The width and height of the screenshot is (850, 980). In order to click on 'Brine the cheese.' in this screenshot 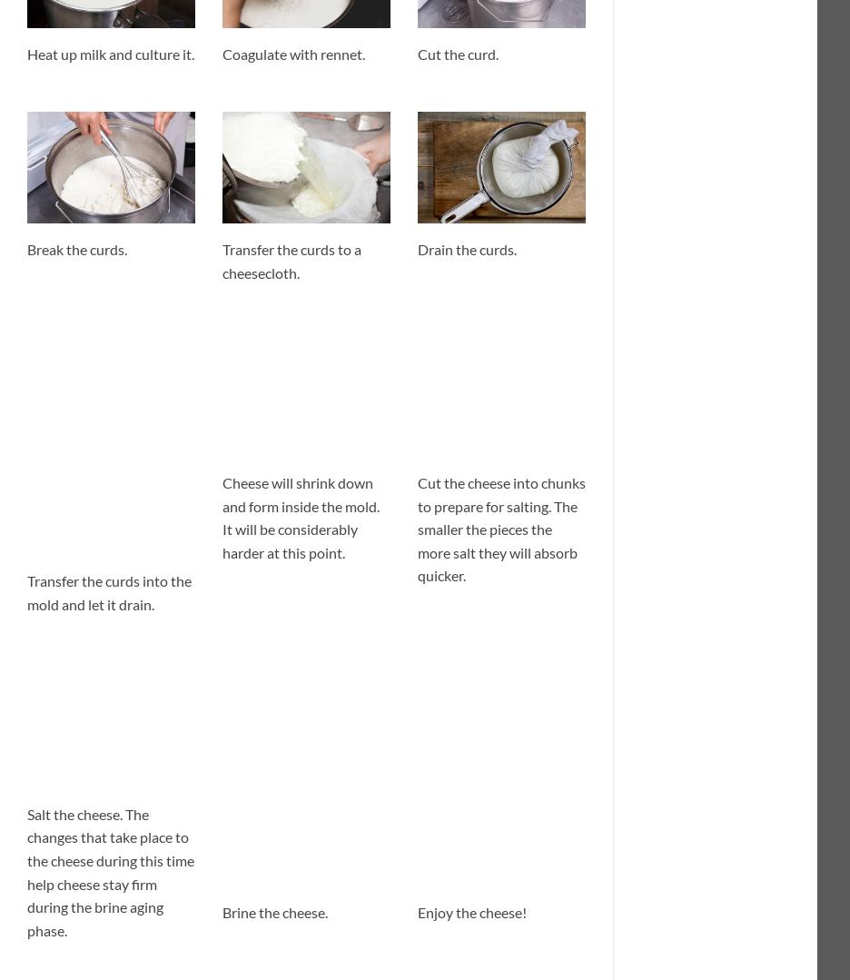, I will do `click(274, 911)`.